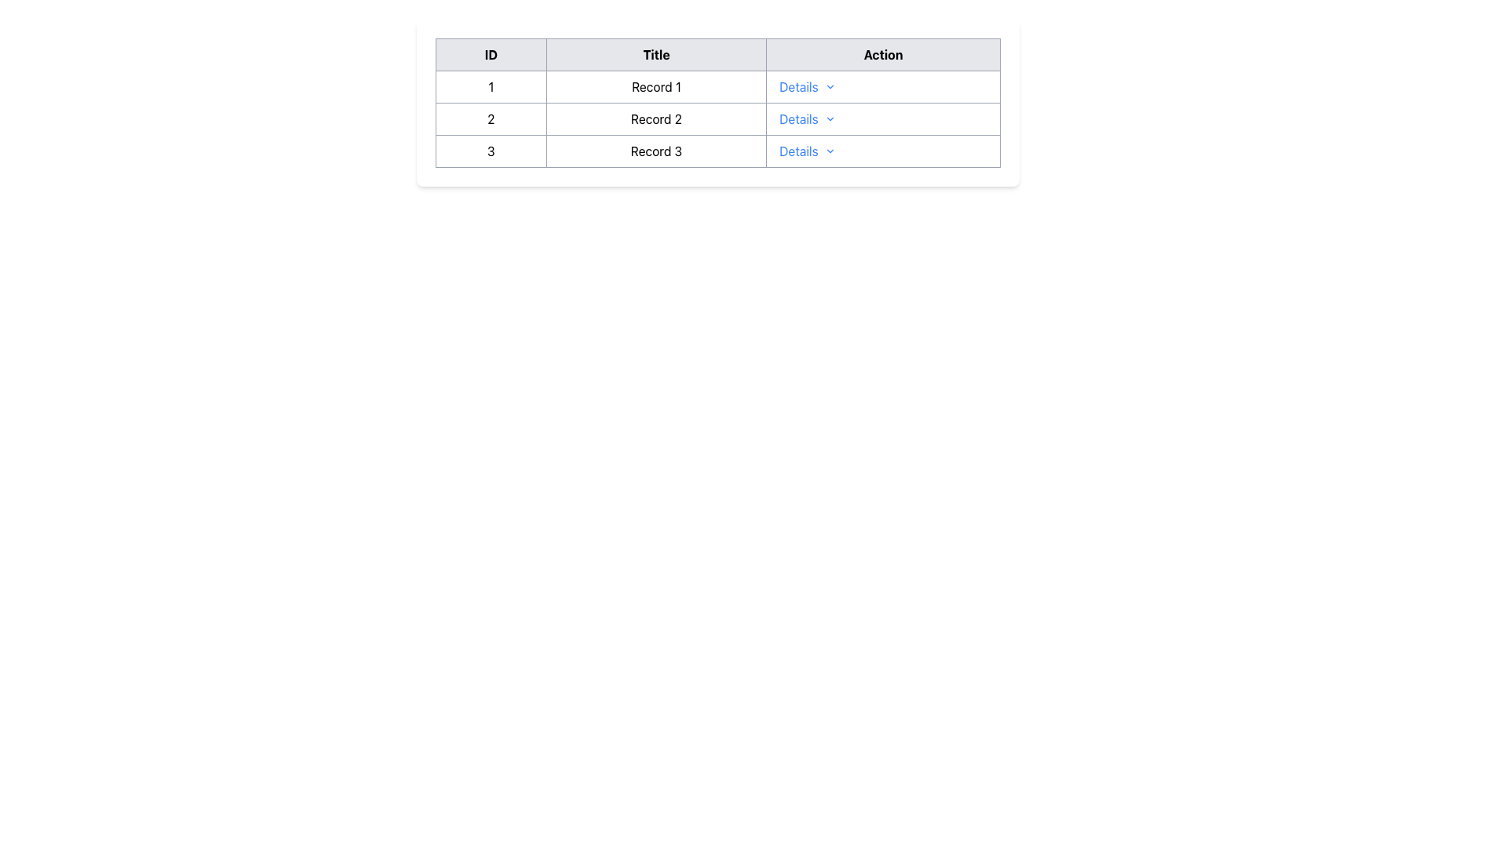 This screenshot has width=1507, height=847. Describe the element at coordinates (807, 87) in the screenshot. I see `the 'Details' hyperlink in the 'Action' column of the first row` at that location.